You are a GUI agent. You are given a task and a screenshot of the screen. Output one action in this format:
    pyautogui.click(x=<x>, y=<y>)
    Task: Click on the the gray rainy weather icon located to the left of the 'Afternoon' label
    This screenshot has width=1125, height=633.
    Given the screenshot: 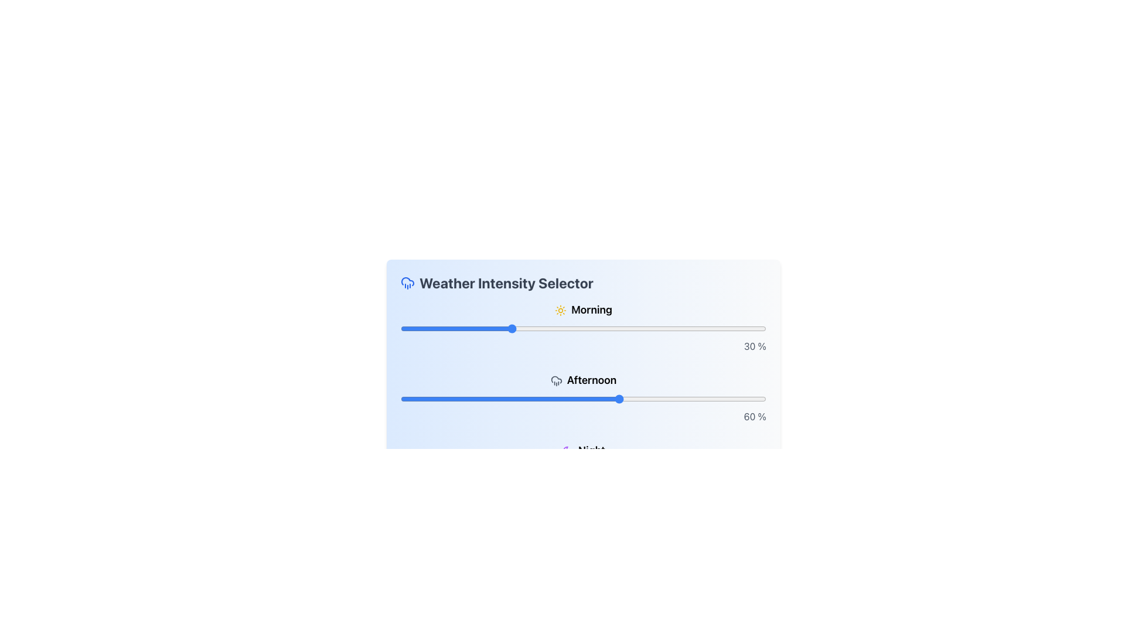 What is the action you would take?
    pyautogui.click(x=555, y=381)
    